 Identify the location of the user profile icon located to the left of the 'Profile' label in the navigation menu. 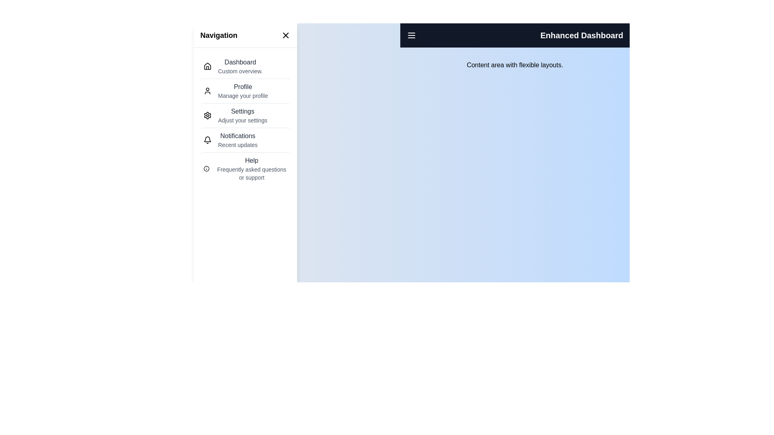
(207, 91).